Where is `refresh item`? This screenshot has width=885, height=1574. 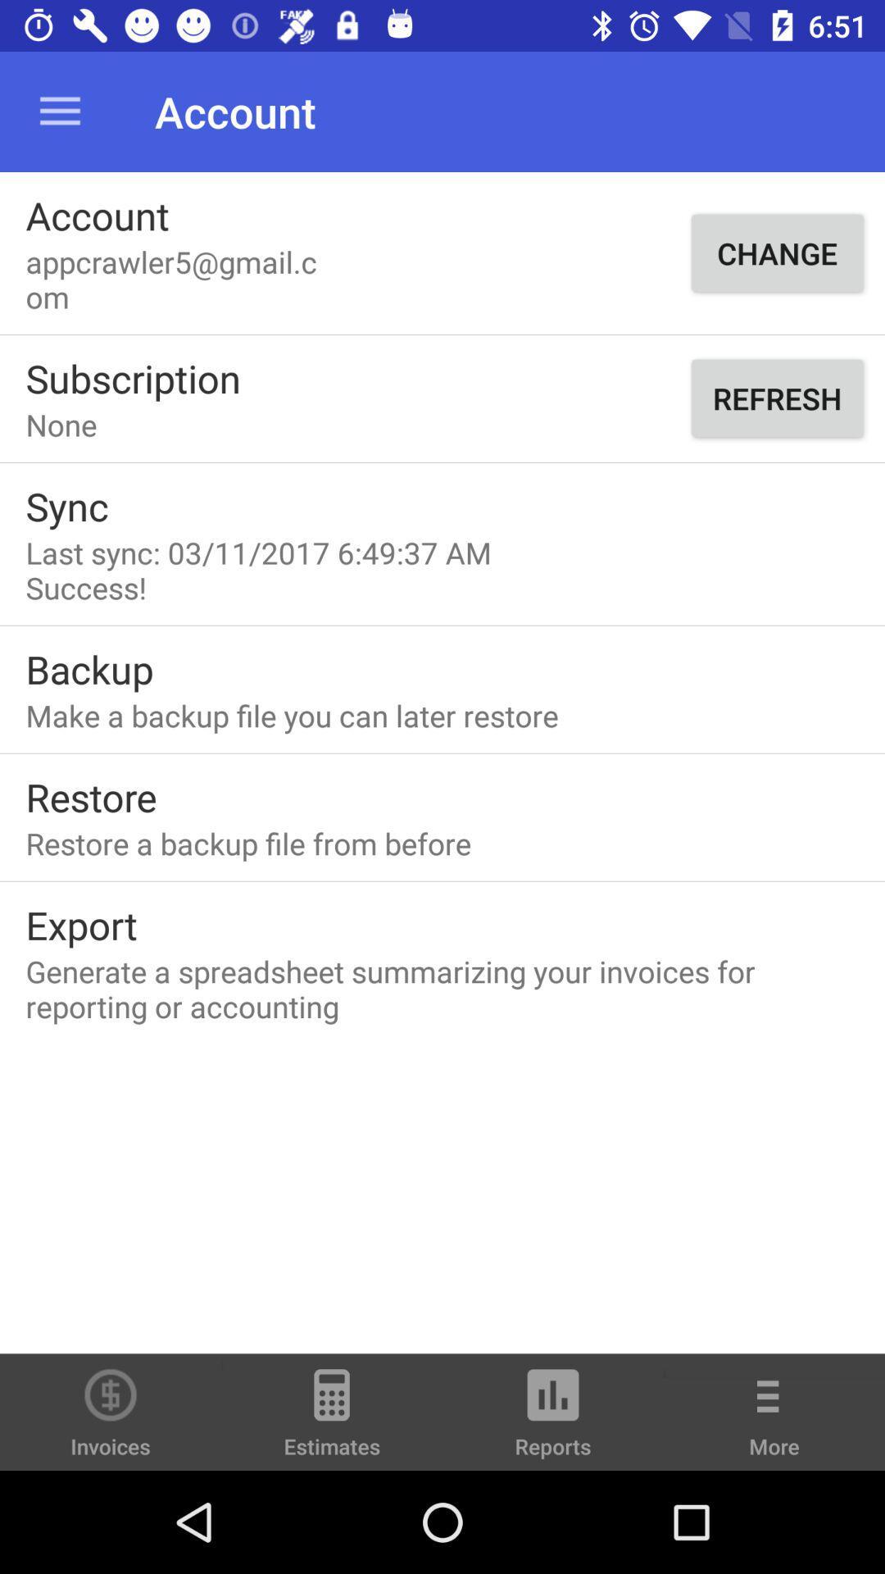 refresh item is located at coordinates (776, 398).